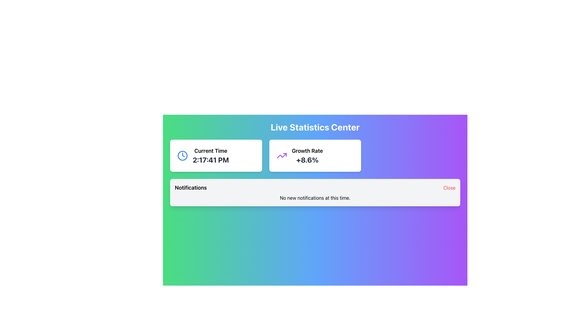 The image size is (572, 321). What do you see at coordinates (182, 155) in the screenshot?
I see `the clock icon, which is positioned to the left of the 'Current Time' text` at bounding box center [182, 155].